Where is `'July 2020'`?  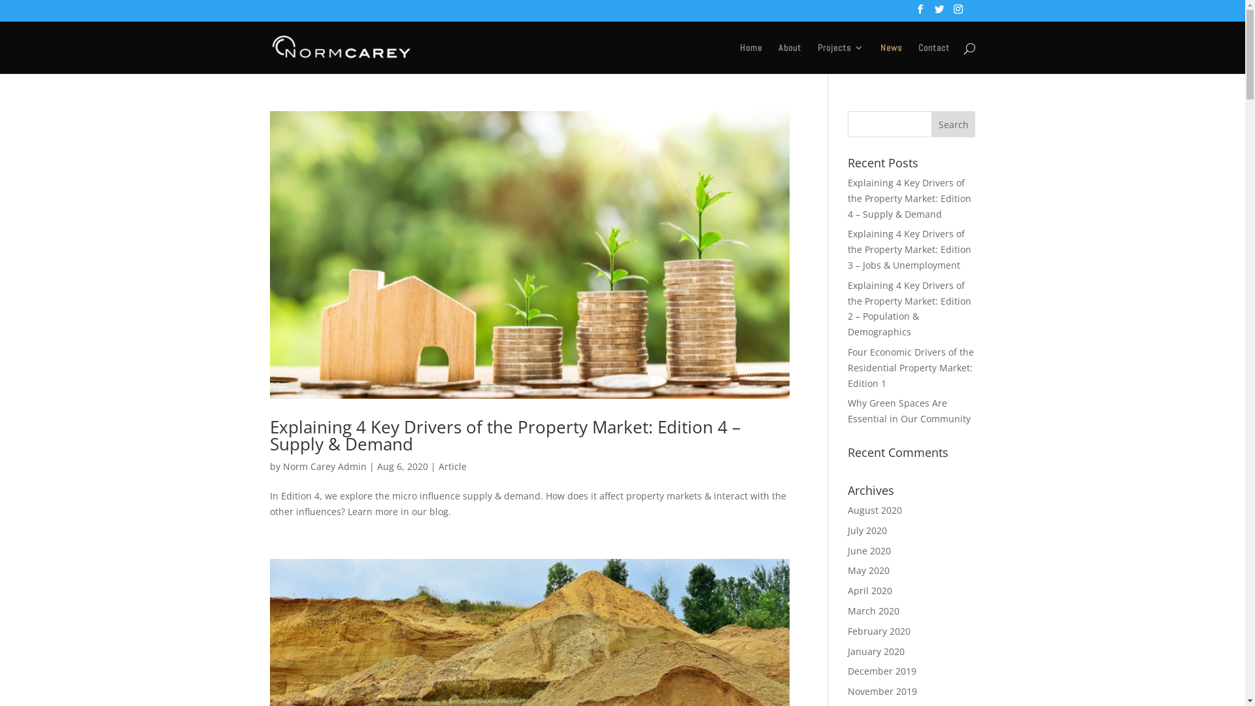
'July 2020' is located at coordinates (867, 530).